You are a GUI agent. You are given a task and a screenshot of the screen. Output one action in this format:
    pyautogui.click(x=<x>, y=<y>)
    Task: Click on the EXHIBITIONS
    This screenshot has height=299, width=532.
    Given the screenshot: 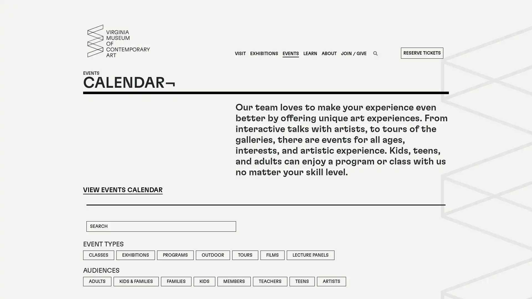 What is the action you would take?
    pyautogui.click(x=264, y=53)
    